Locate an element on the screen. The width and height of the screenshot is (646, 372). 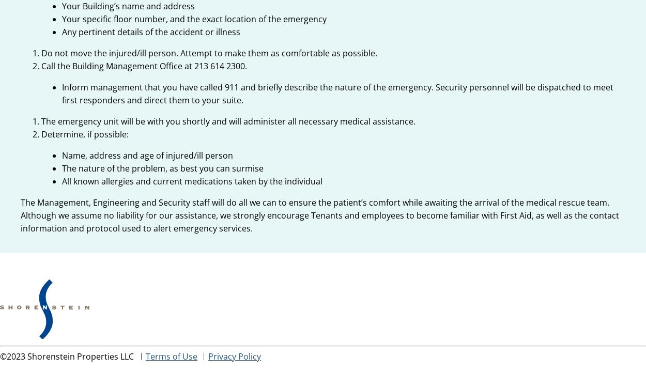
'The Management, Engineering and Security staff will do all we can to ensure the patient’s comfort while awaiting the arrival of the medical rescue team. Although we assume no liability for our assistance, we strongly encourage Tenants and employees to become familiar with First Aid, as well as the contact information and protocol used to alert emergency services.' is located at coordinates (319, 215).